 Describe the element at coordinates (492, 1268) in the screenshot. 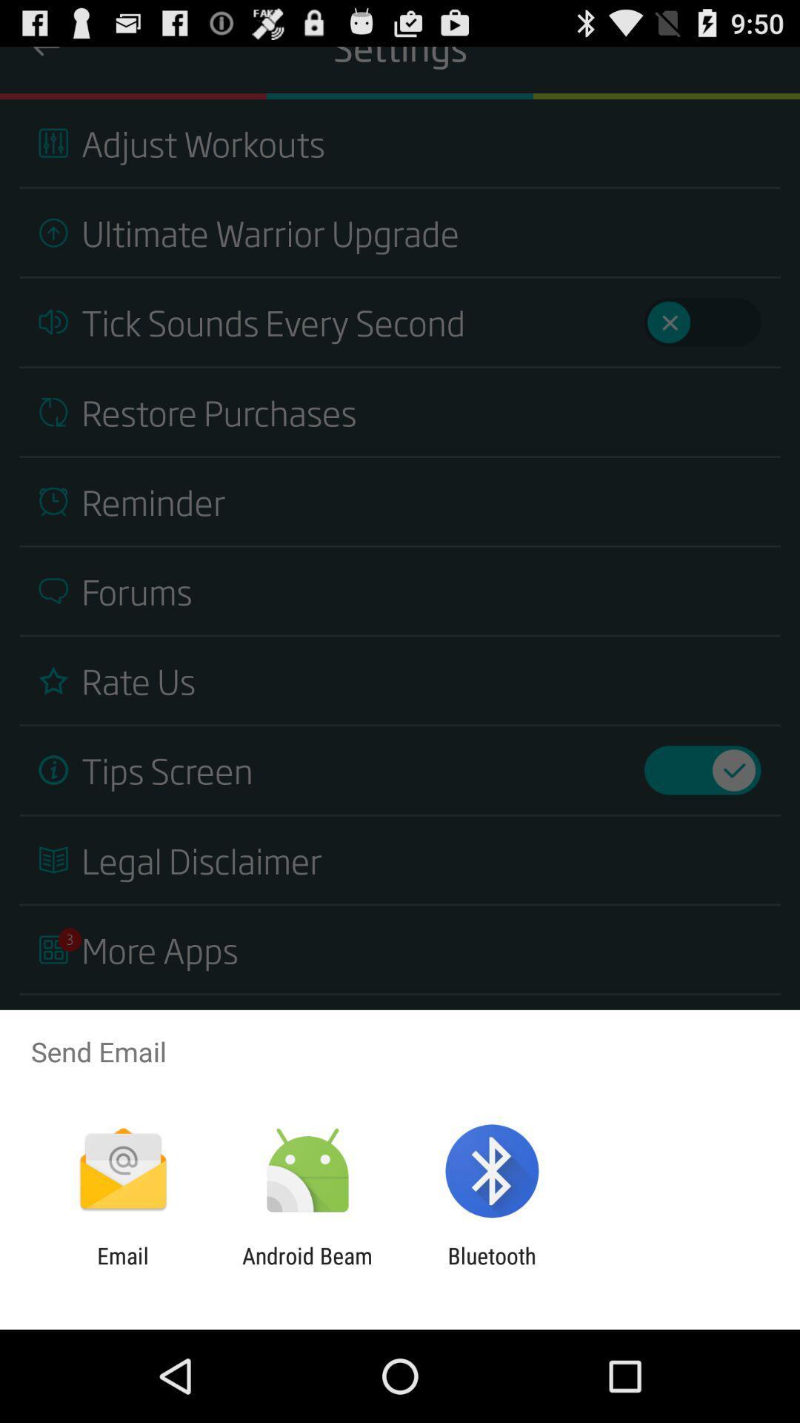

I see `the bluetooth icon` at that location.